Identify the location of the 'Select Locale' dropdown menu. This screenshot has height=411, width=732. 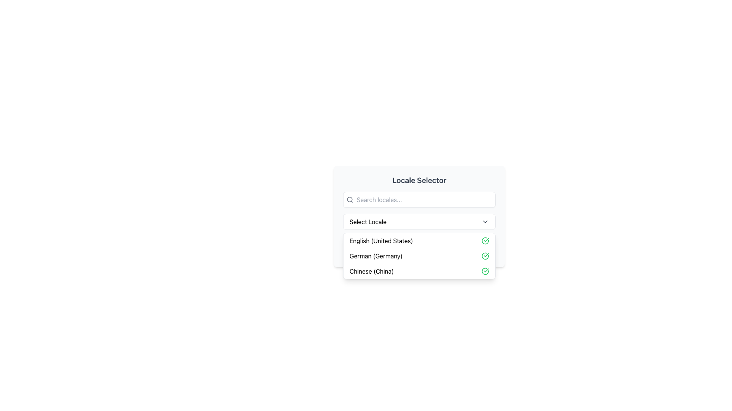
(419, 221).